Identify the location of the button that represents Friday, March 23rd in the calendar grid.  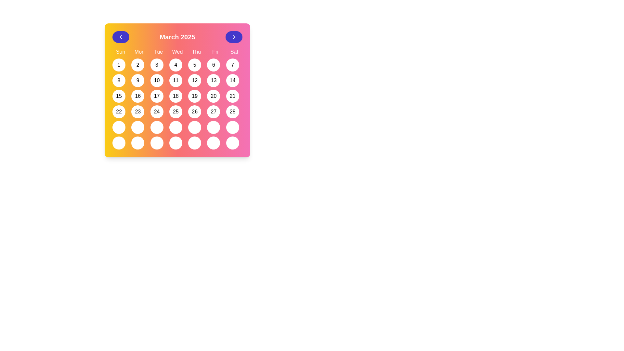
(137, 111).